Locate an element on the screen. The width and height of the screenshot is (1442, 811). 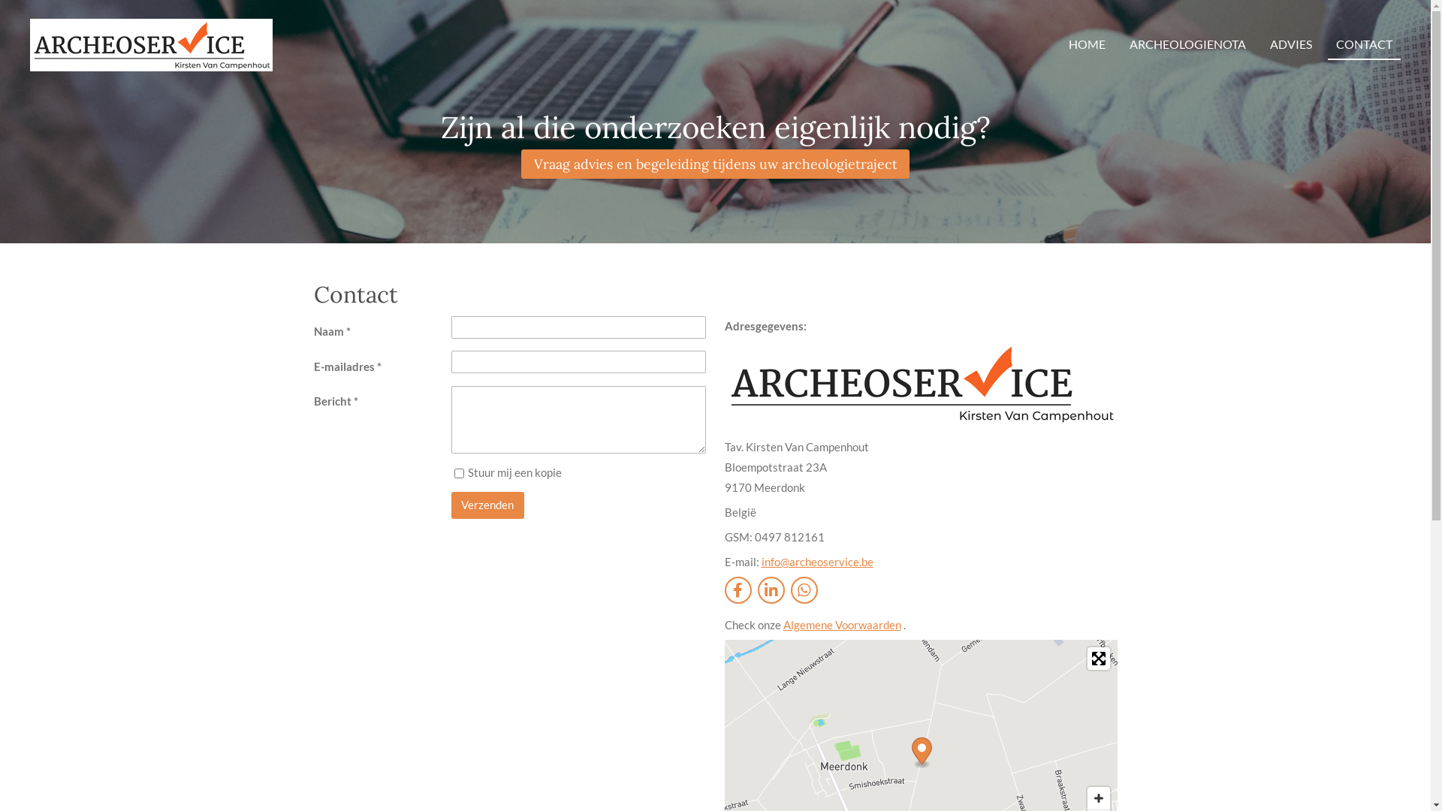
'Algemene Voorwaarden' is located at coordinates (841, 623).